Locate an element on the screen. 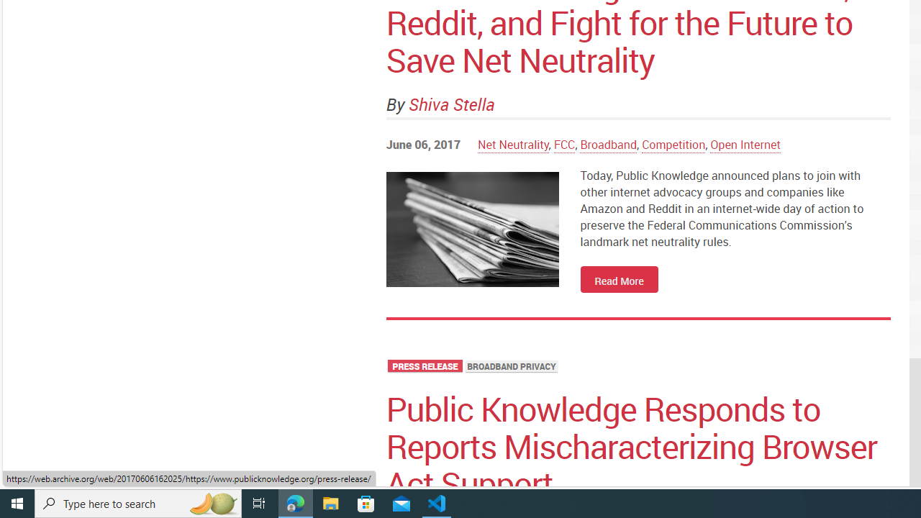 This screenshot has width=921, height=518. 'Read More' is located at coordinates (619, 278).